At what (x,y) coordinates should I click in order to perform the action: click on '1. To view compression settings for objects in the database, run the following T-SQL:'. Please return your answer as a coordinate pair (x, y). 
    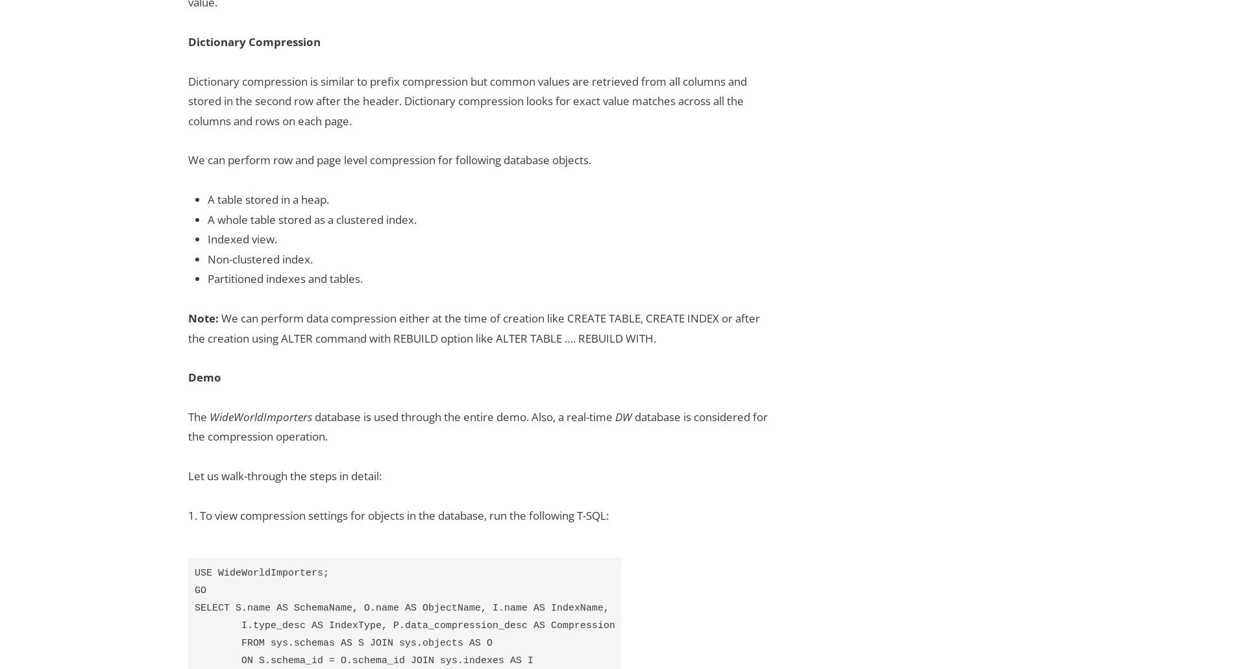
    Looking at the image, I should click on (398, 514).